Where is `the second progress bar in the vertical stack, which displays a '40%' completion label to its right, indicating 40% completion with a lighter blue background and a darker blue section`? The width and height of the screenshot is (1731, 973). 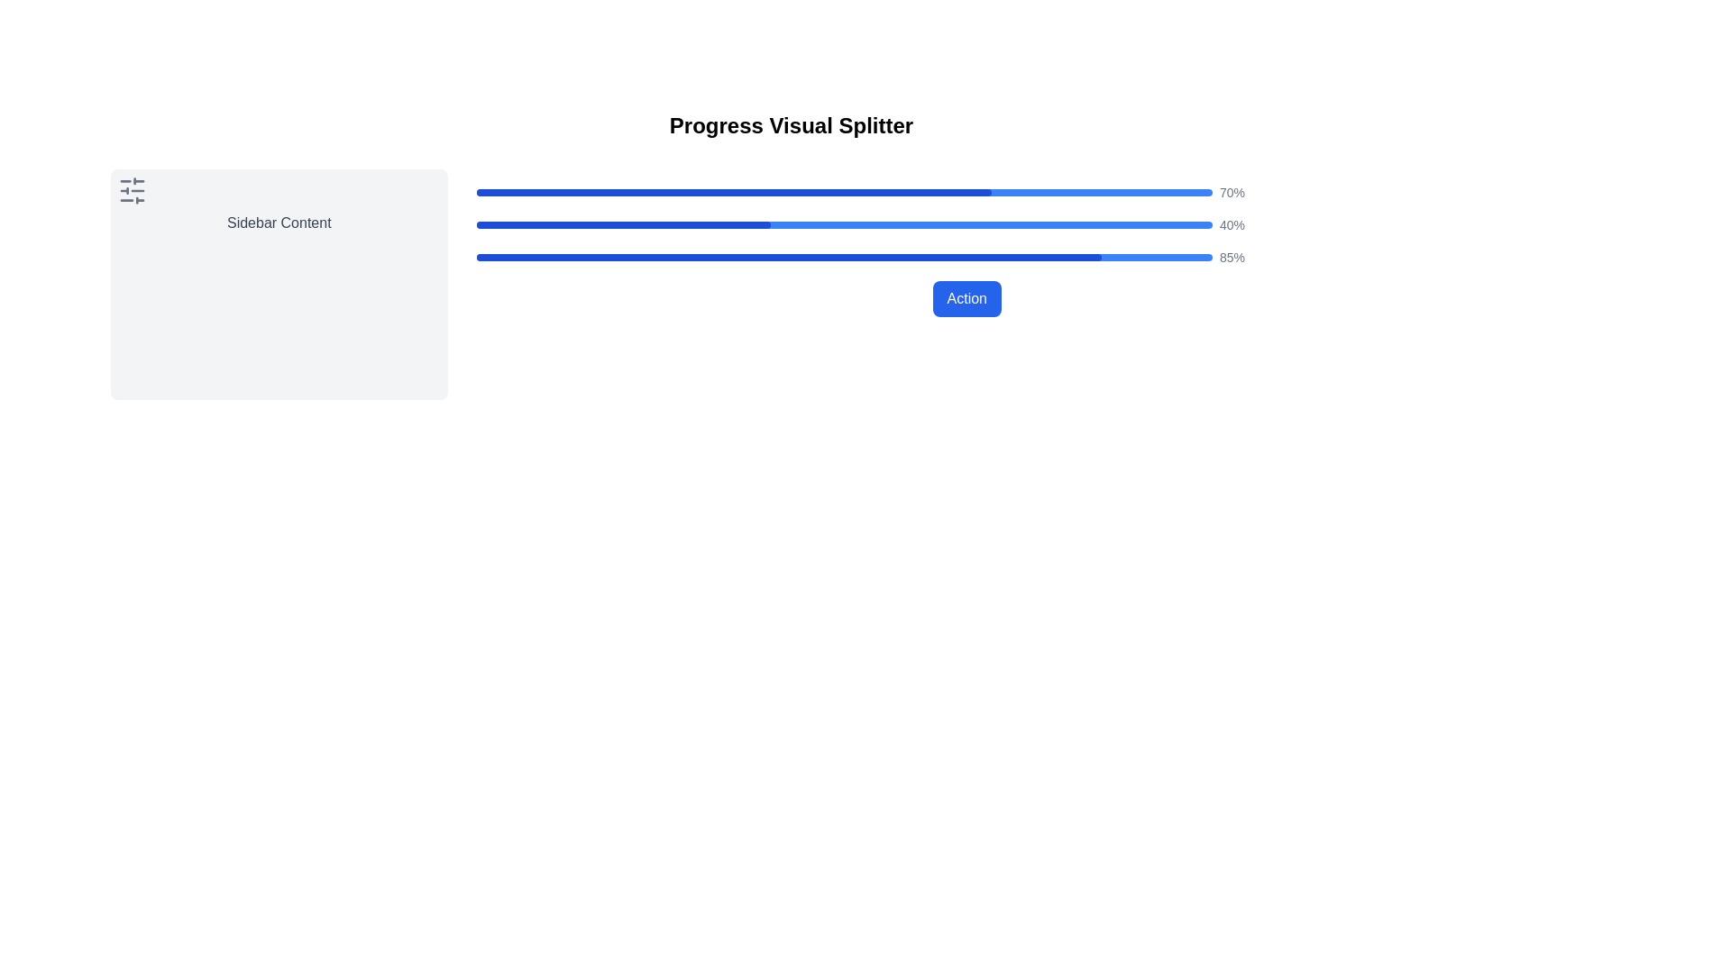 the second progress bar in the vertical stack, which displays a '40%' completion label to its right, indicating 40% completion with a lighter blue background and a darker blue section is located at coordinates (966, 224).